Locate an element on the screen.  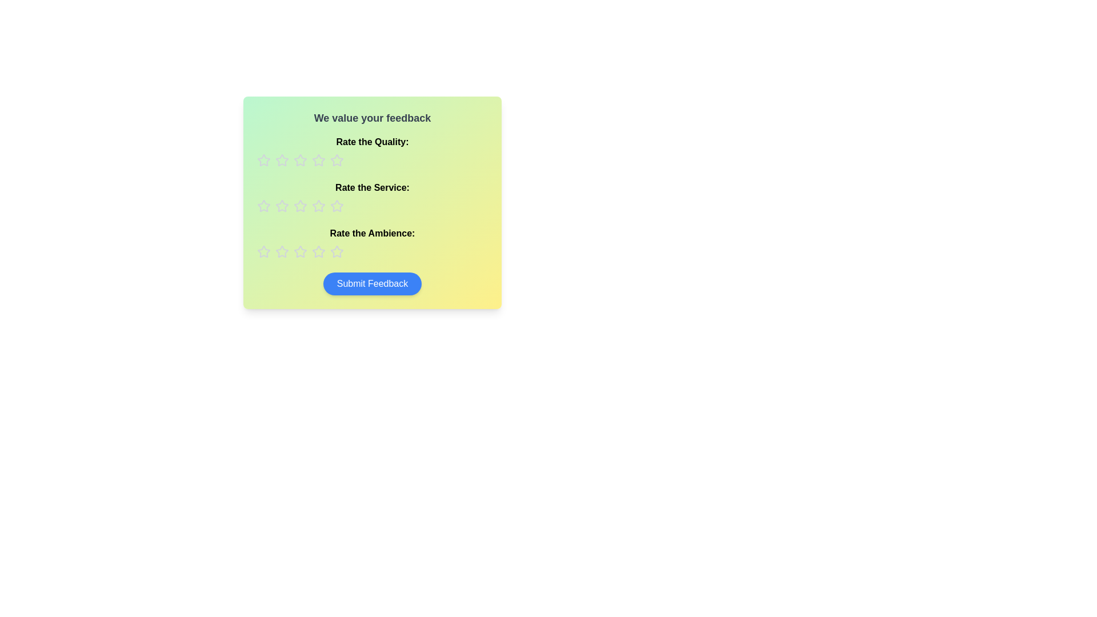
the second star is located at coordinates (301, 160).